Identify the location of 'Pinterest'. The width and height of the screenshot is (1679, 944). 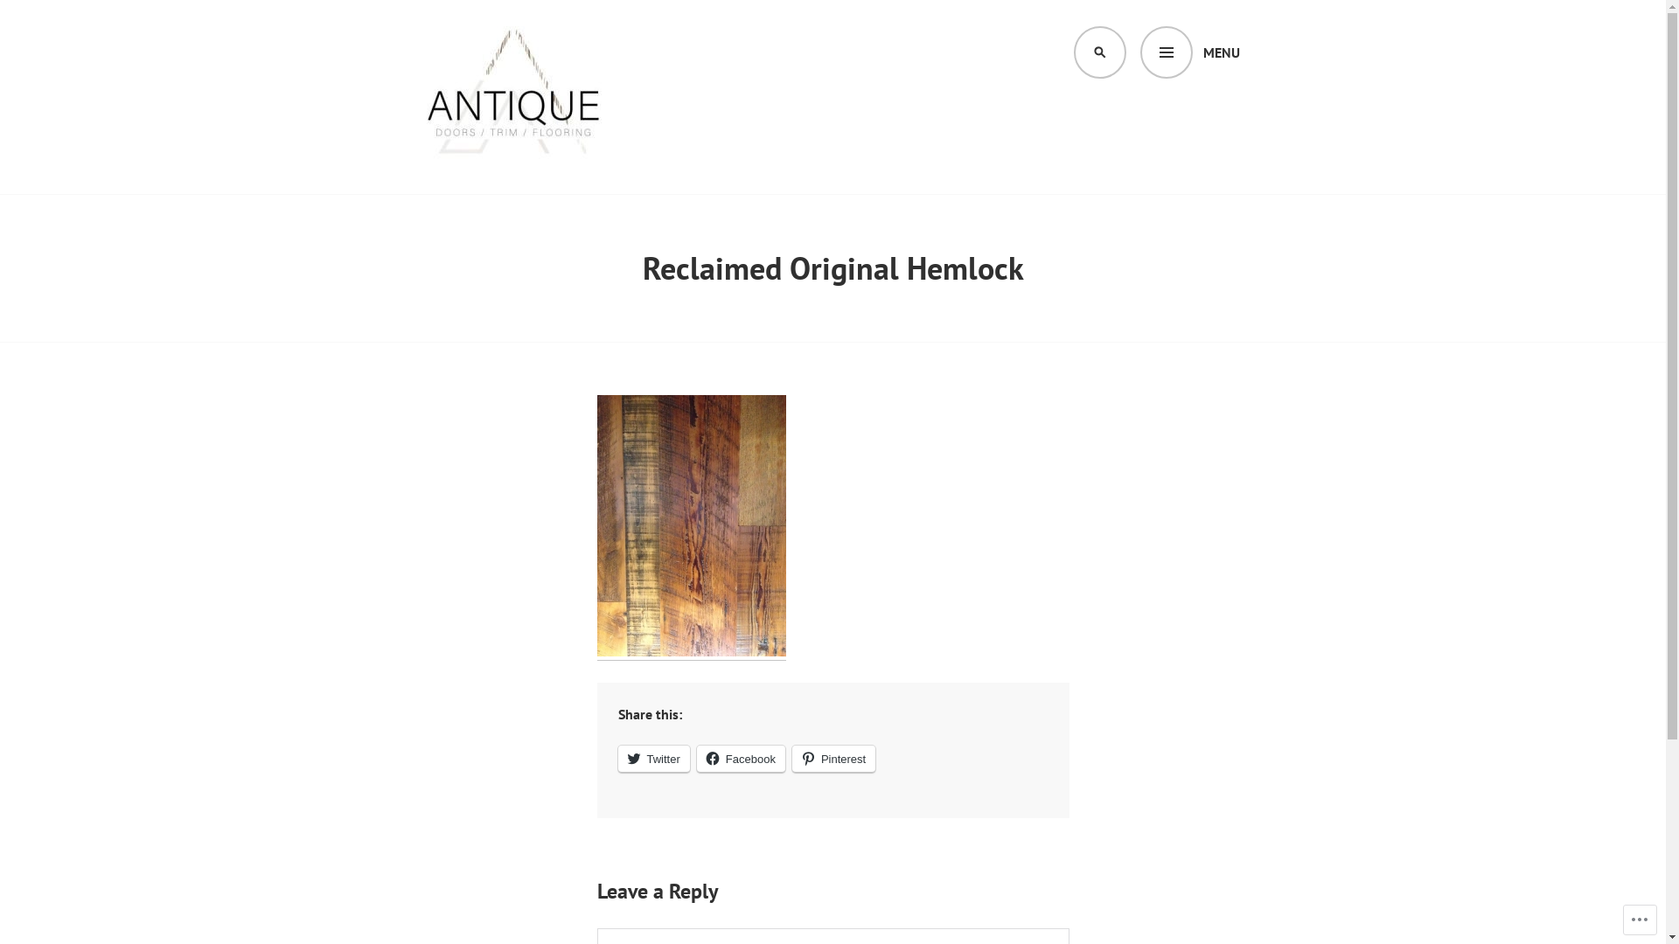
(833, 758).